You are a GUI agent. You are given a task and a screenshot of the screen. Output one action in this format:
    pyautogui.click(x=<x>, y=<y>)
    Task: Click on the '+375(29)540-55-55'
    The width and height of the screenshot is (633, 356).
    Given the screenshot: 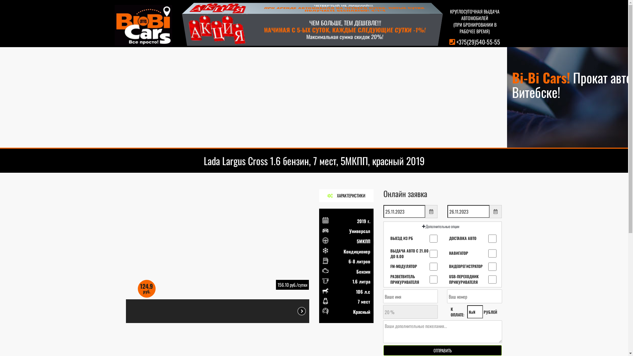 What is the action you would take?
    pyautogui.click(x=456, y=42)
    